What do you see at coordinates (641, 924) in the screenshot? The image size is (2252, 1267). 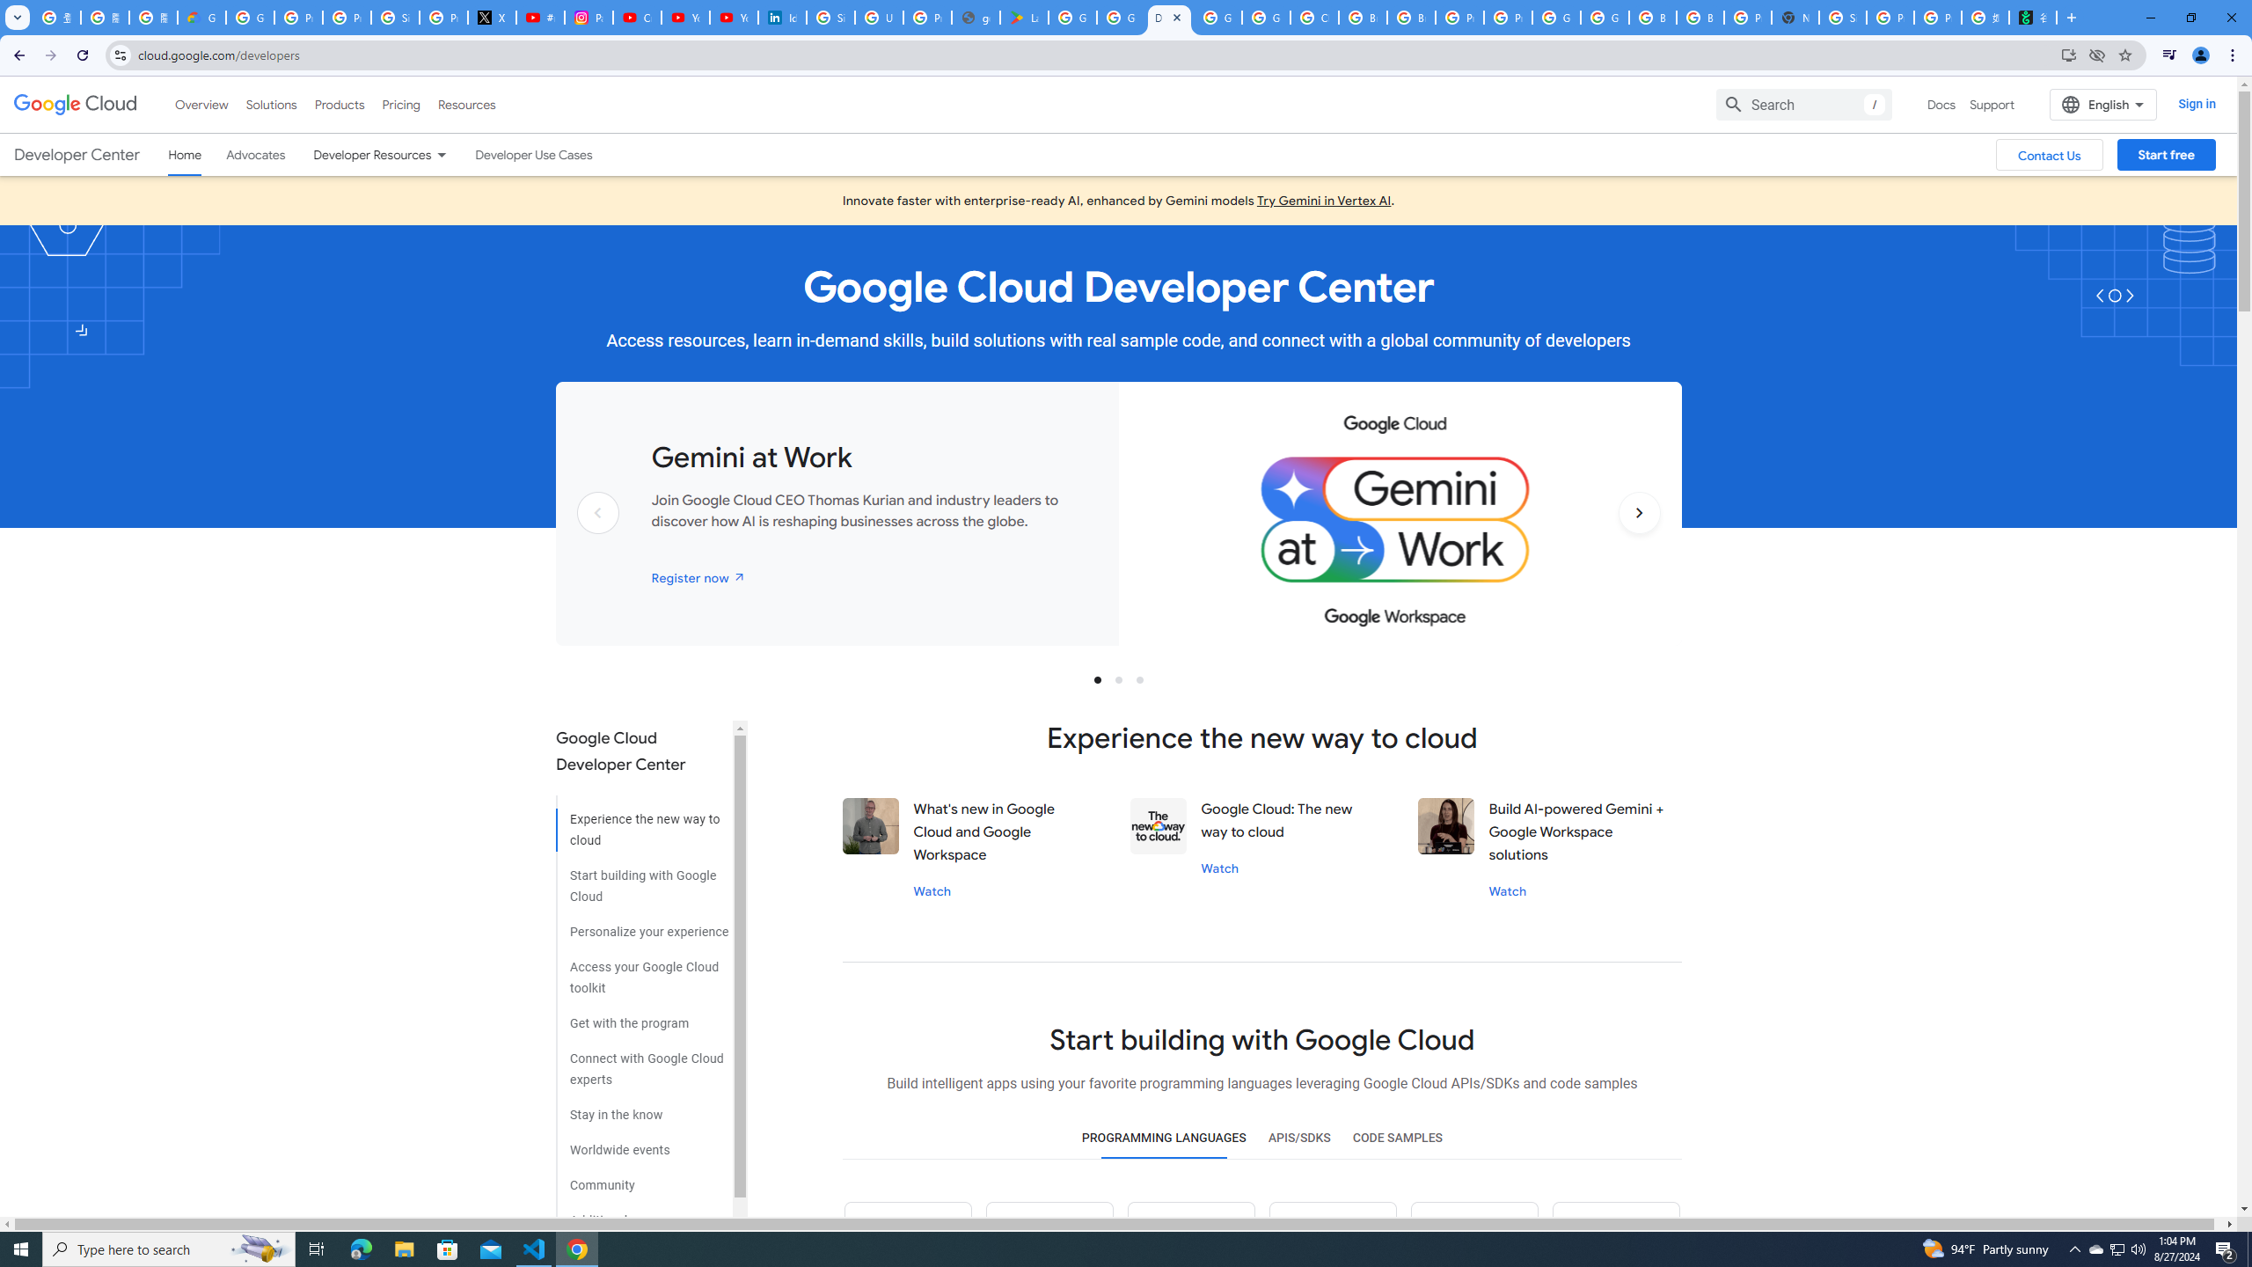 I see `'Personalize your experience'` at bounding box center [641, 924].